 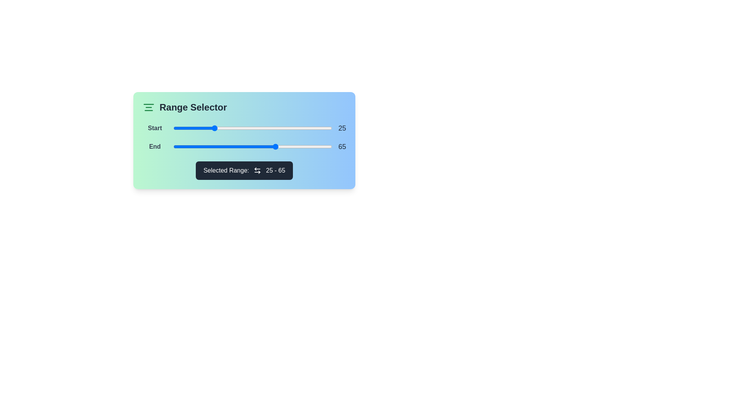 What do you see at coordinates (148, 107) in the screenshot?
I see `the icon to check for tooltip or interaction` at bounding box center [148, 107].